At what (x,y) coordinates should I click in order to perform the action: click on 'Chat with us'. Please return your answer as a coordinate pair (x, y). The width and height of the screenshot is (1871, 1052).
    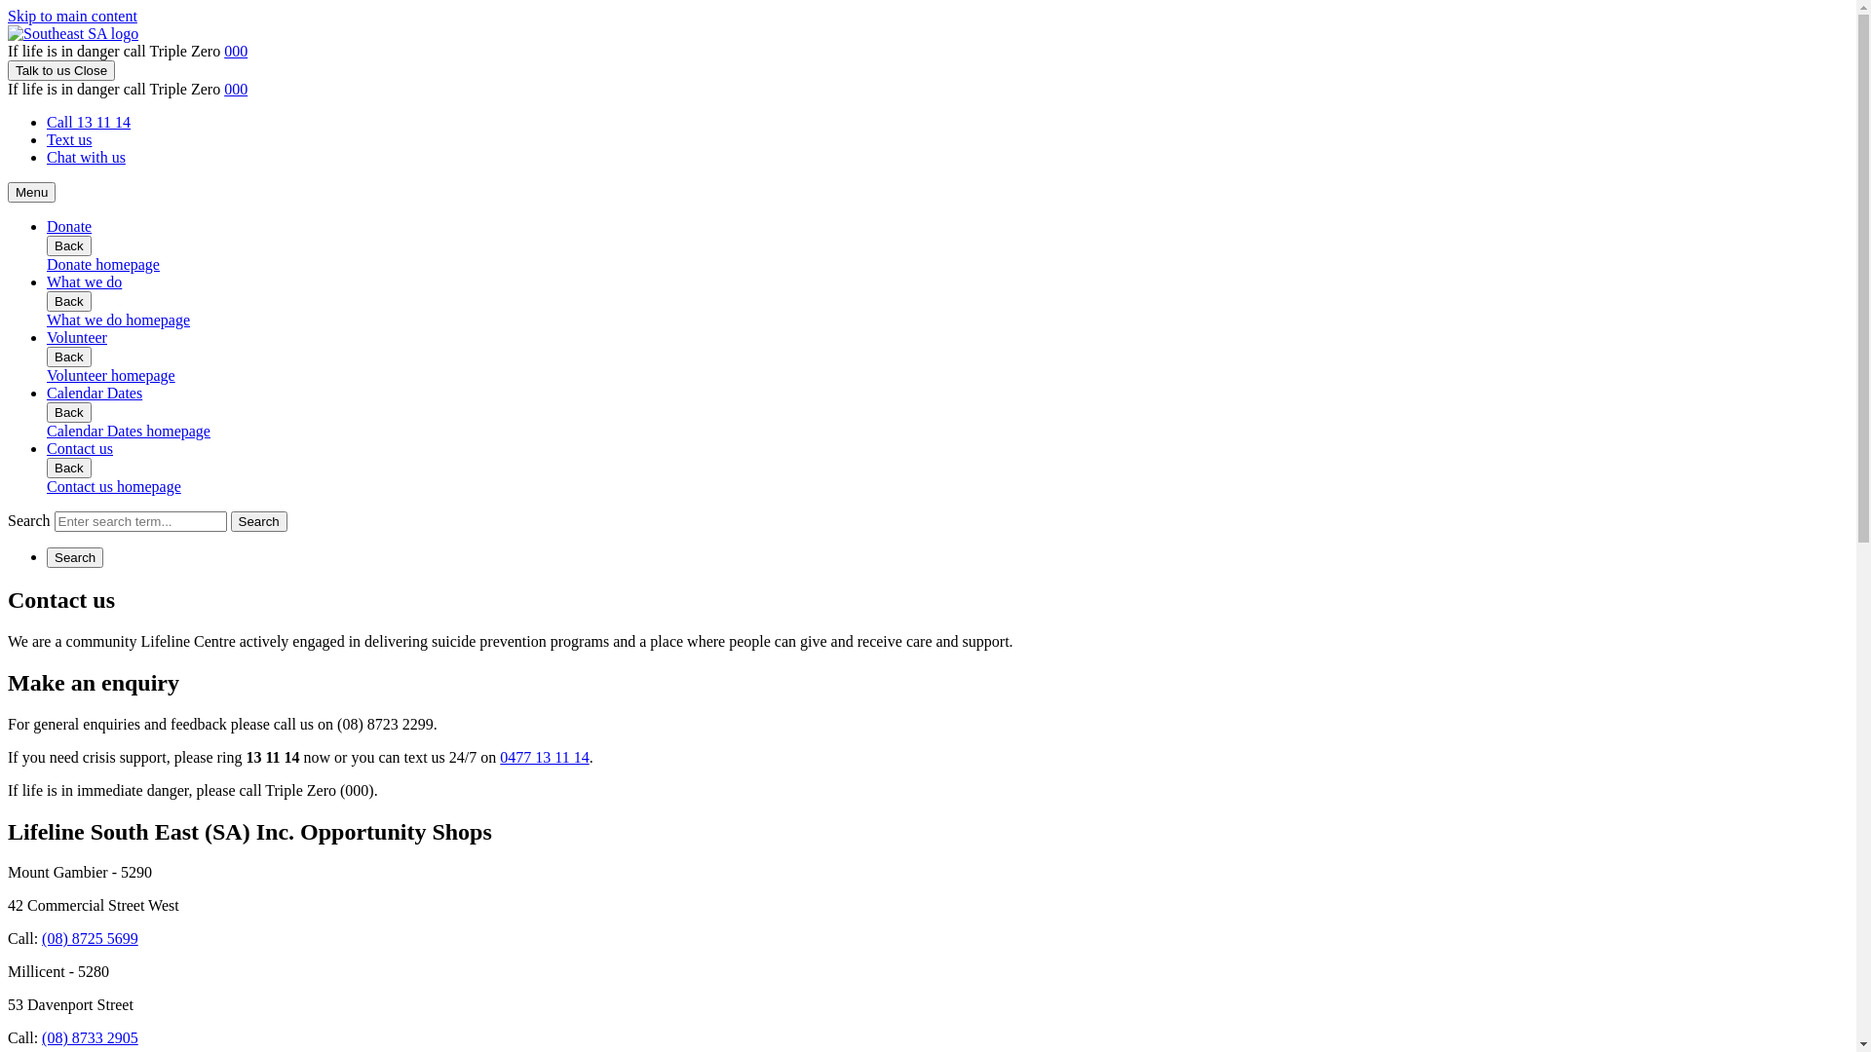
    Looking at the image, I should click on (85, 156).